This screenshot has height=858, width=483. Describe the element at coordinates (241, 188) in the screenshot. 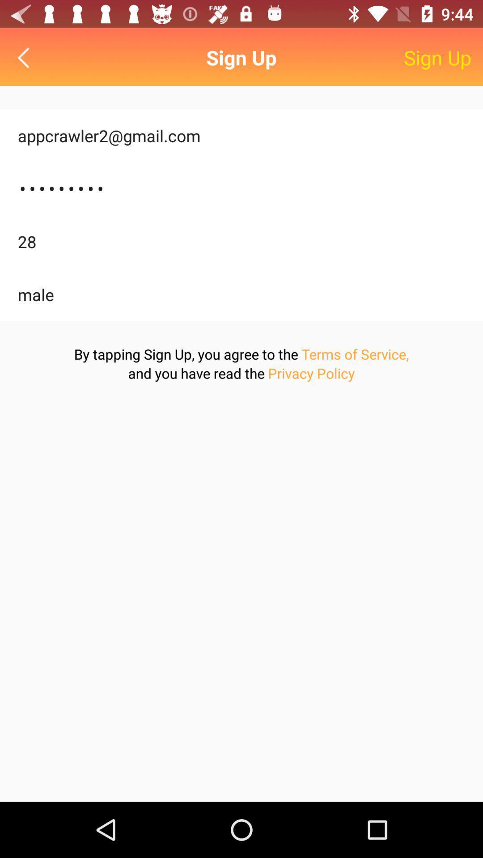

I see `item above 28 item` at that location.